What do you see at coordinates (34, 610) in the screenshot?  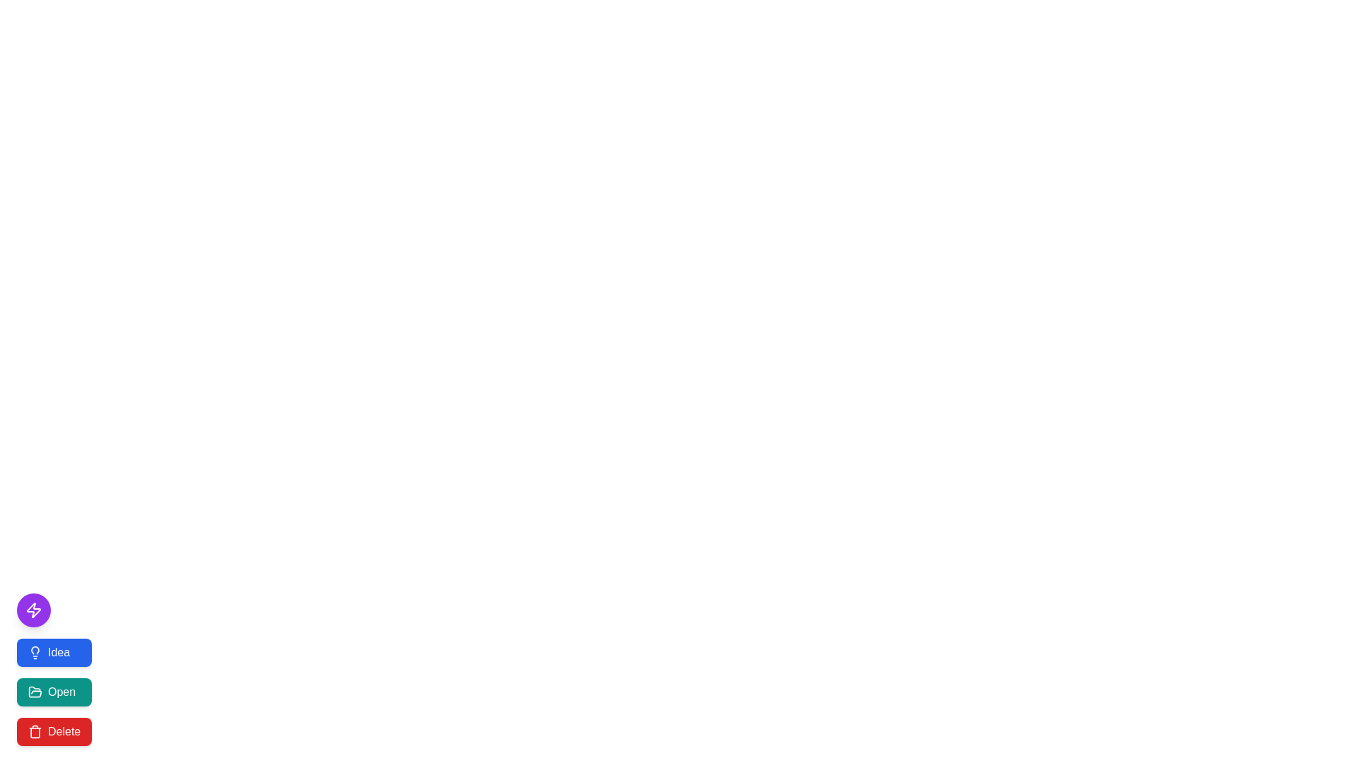 I see `the circular button that symbolizes an 'idea' or 'lightning' action, located at the top of a vertical stack of buttons` at bounding box center [34, 610].